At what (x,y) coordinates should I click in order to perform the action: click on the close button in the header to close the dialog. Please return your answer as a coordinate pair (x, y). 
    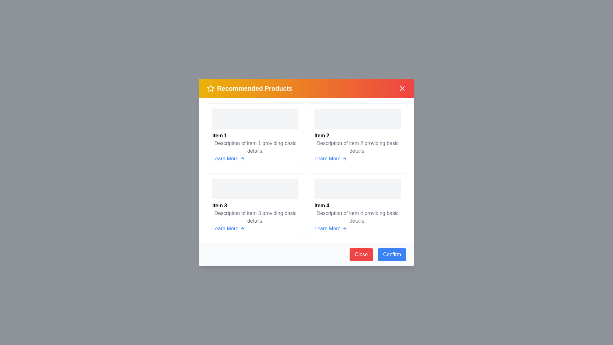
    Looking at the image, I should click on (402, 88).